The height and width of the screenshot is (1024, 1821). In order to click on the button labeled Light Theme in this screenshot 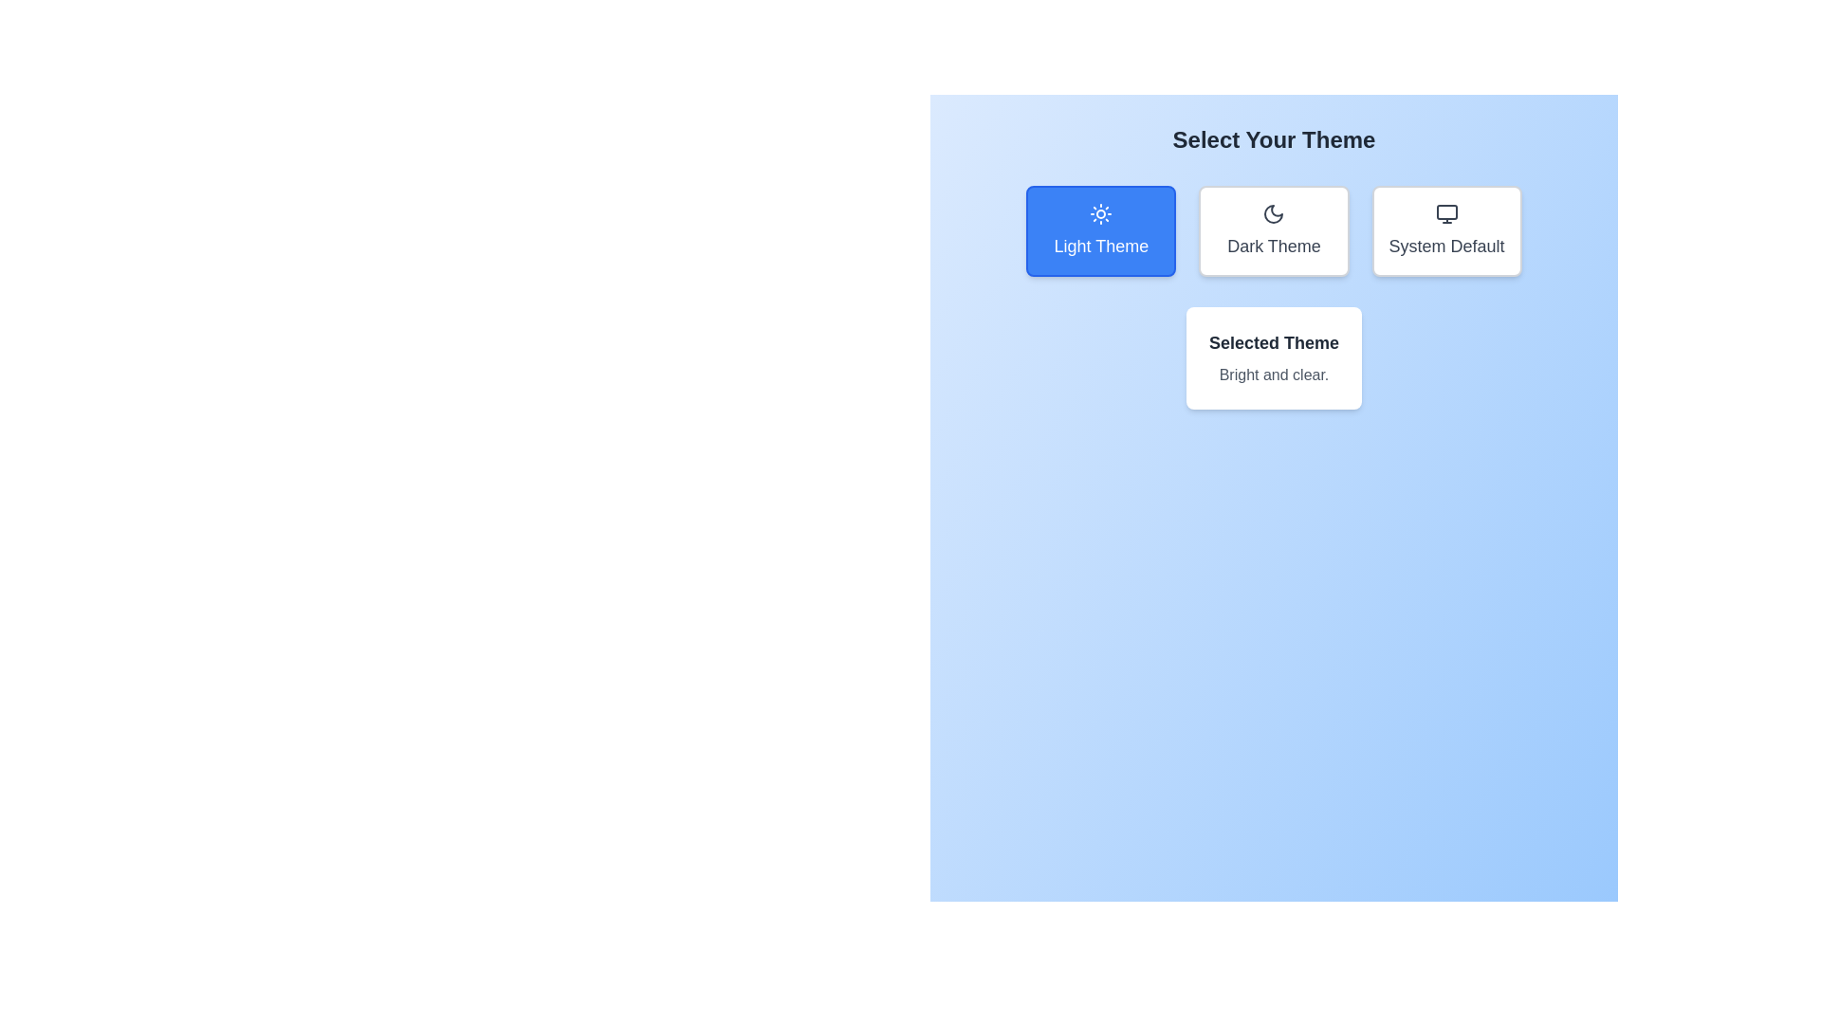, I will do `click(1101, 229)`.